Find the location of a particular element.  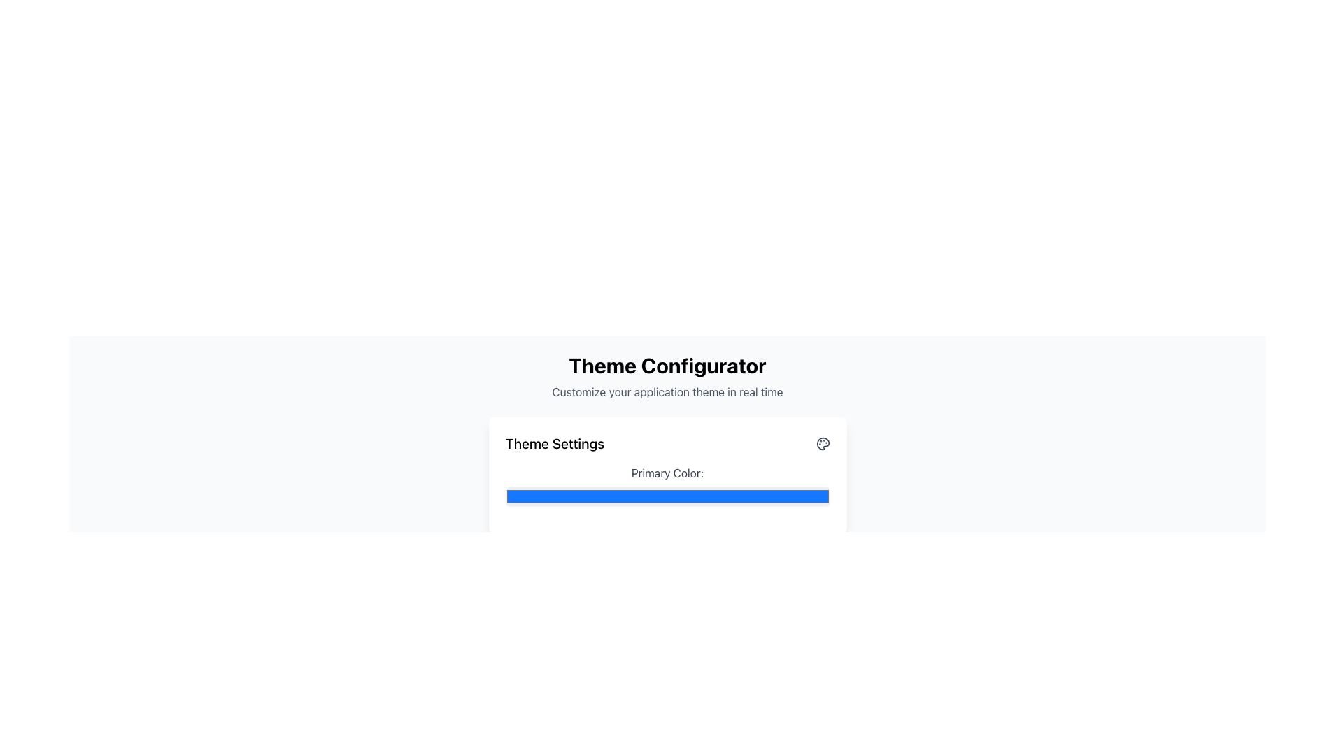

the Text Header element labeled 'Theme Configurator', which features a bold title and a subtitle for customizing the application theme is located at coordinates (667, 376).